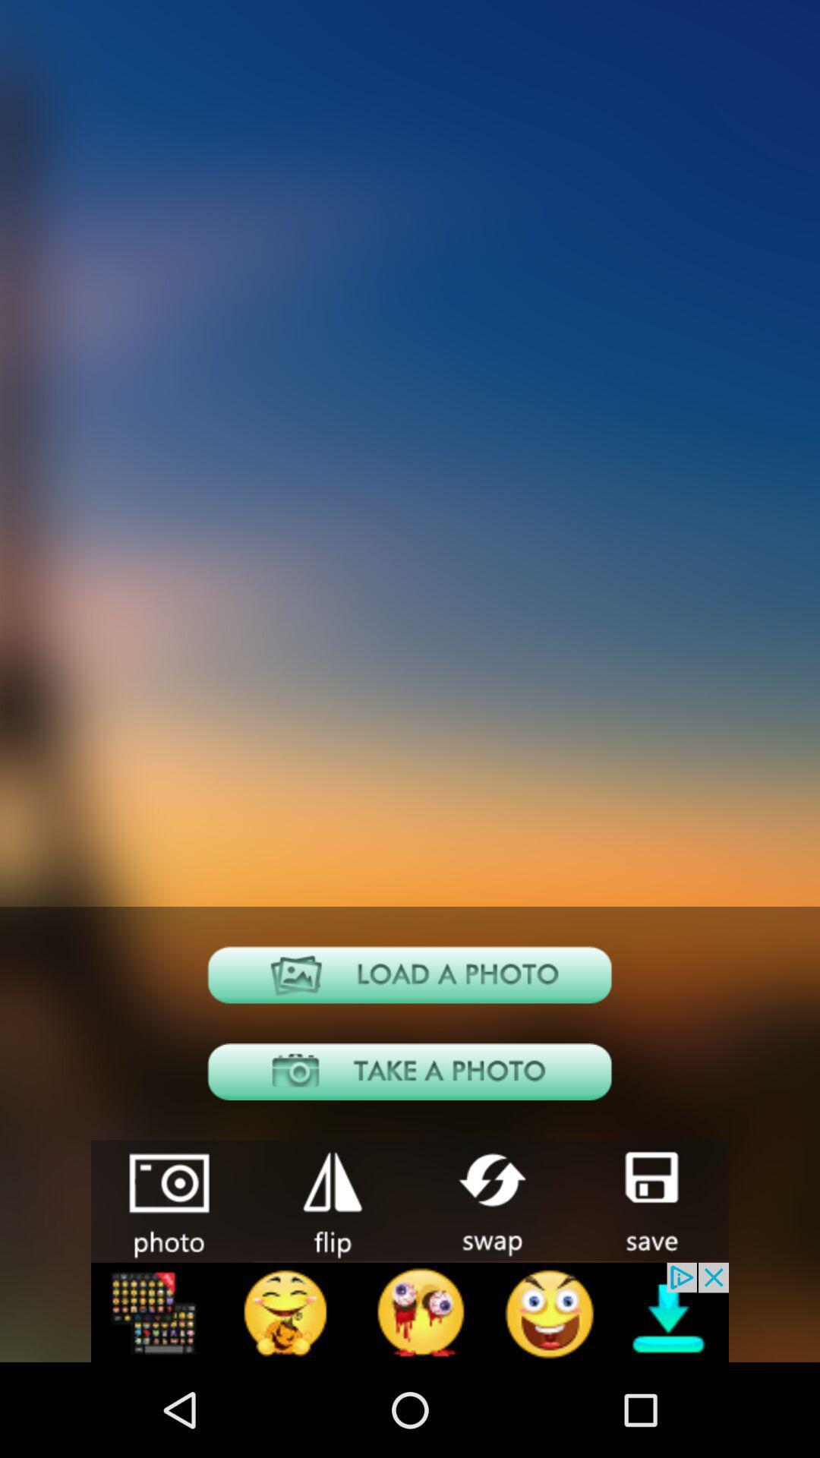  What do you see at coordinates (489, 1199) in the screenshot?
I see `swap image` at bounding box center [489, 1199].